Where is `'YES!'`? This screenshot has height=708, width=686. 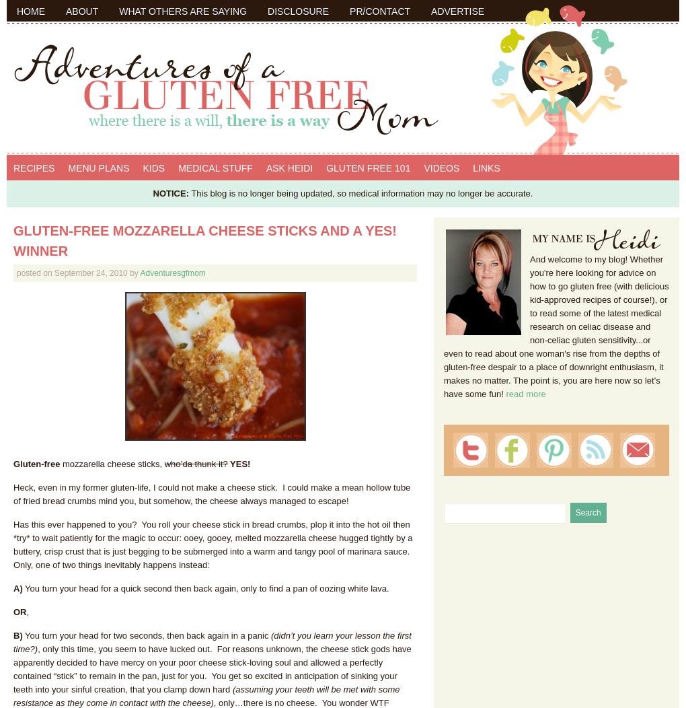 'YES!' is located at coordinates (237, 462).